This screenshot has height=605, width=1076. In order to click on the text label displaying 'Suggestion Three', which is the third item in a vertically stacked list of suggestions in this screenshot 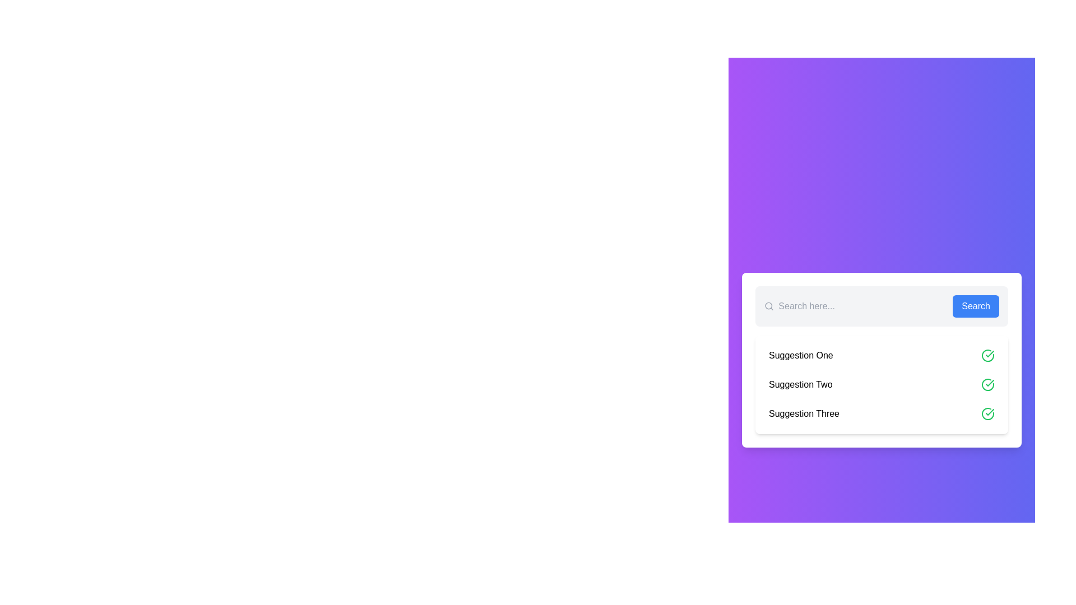, I will do `click(804, 414)`.